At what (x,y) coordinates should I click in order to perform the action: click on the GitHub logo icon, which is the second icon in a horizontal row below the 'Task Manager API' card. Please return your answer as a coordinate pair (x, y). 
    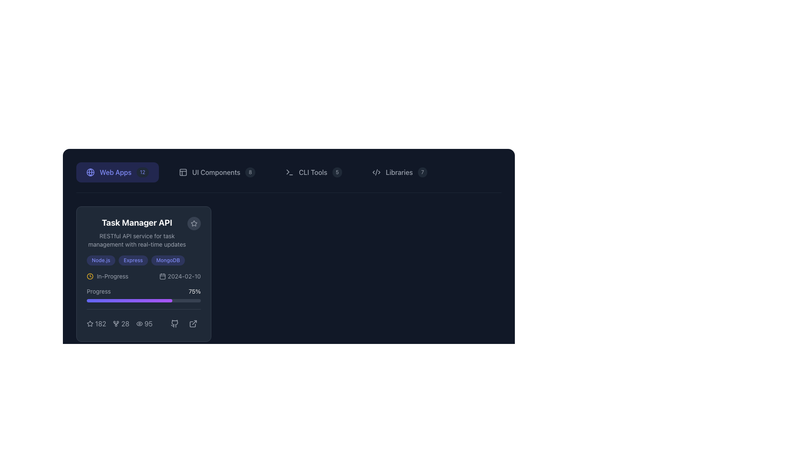
    Looking at the image, I should click on (174, 323).